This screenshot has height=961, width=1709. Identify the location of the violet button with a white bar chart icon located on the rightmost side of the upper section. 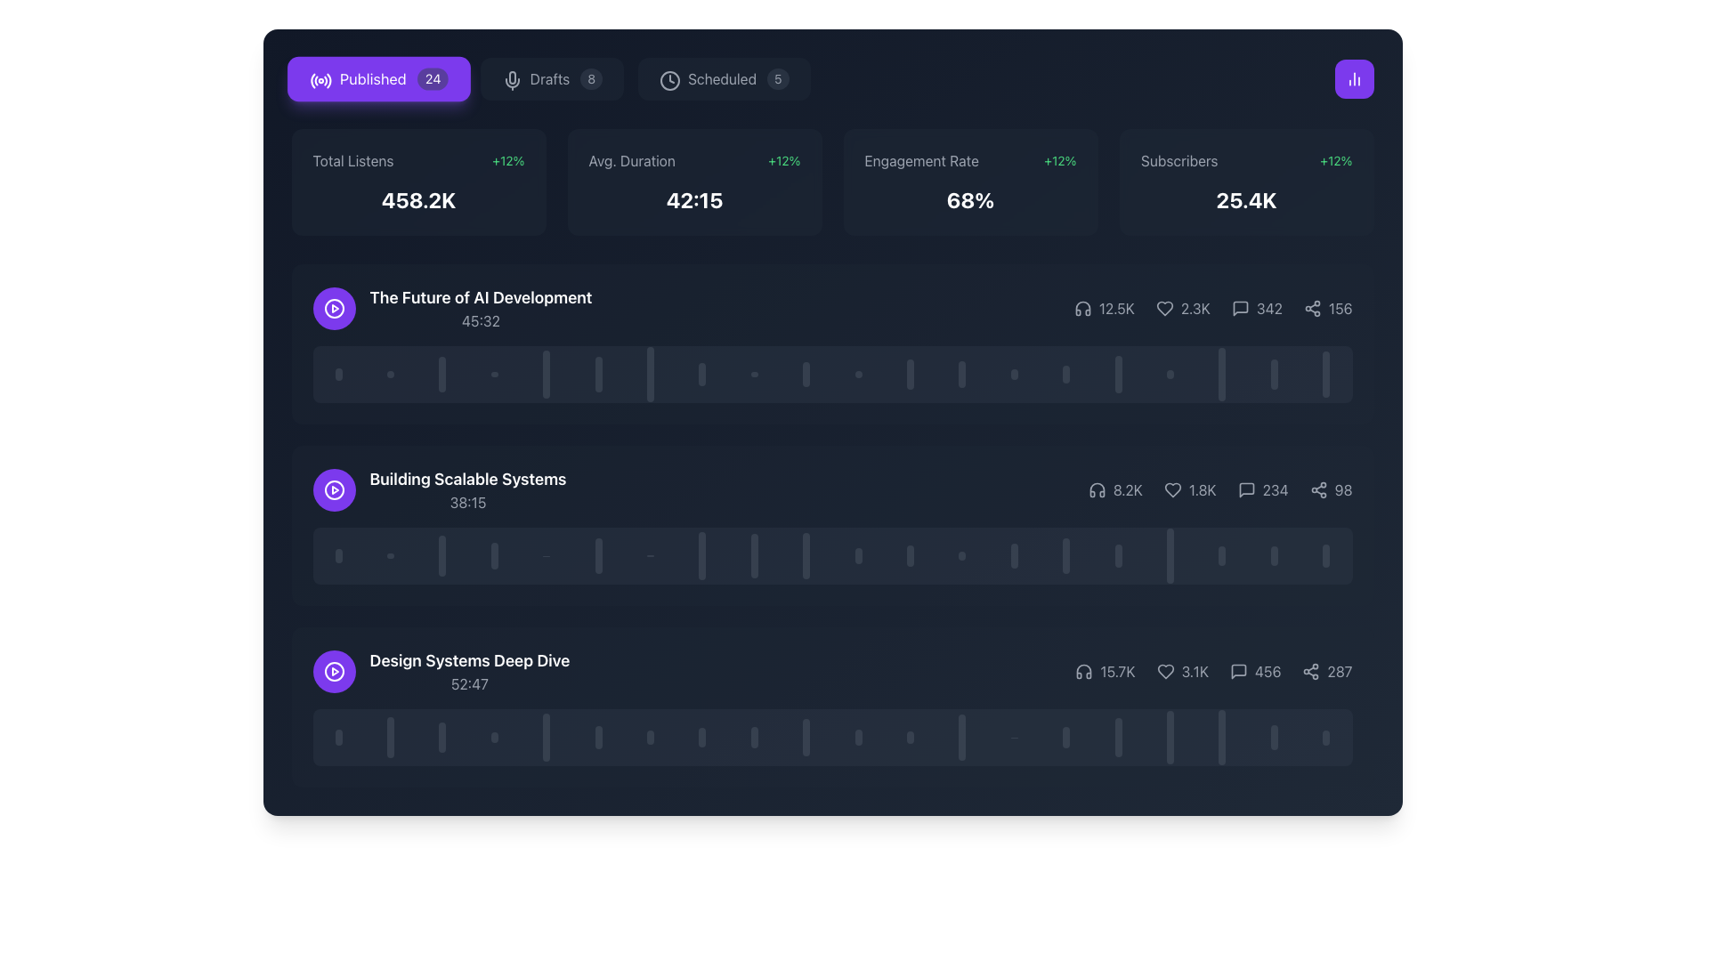
(1353, 77).